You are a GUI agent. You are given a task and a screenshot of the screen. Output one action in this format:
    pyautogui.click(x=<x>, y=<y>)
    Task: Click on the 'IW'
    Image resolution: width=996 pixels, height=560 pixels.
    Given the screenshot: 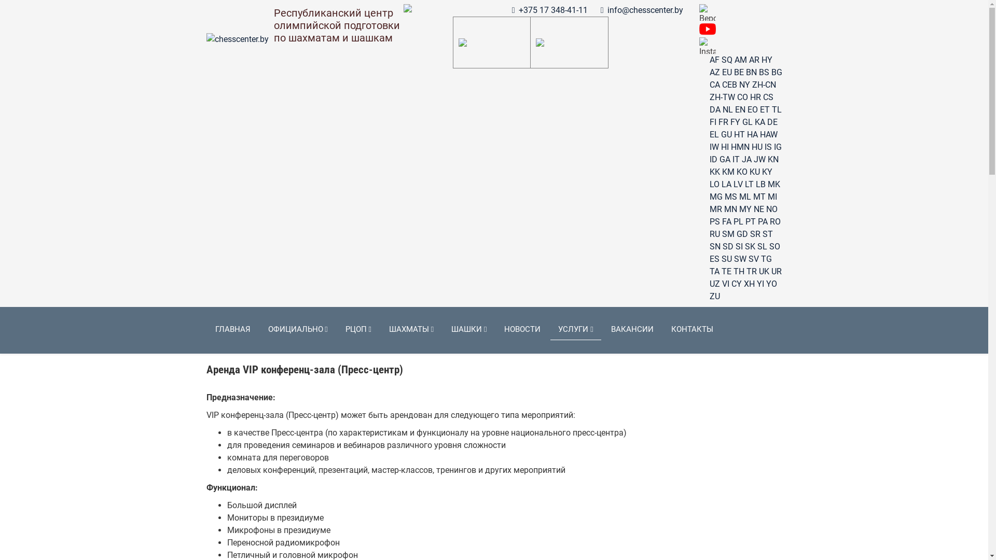 What is the action you would take?
    pyautogui.click(x=709, y=147)
    